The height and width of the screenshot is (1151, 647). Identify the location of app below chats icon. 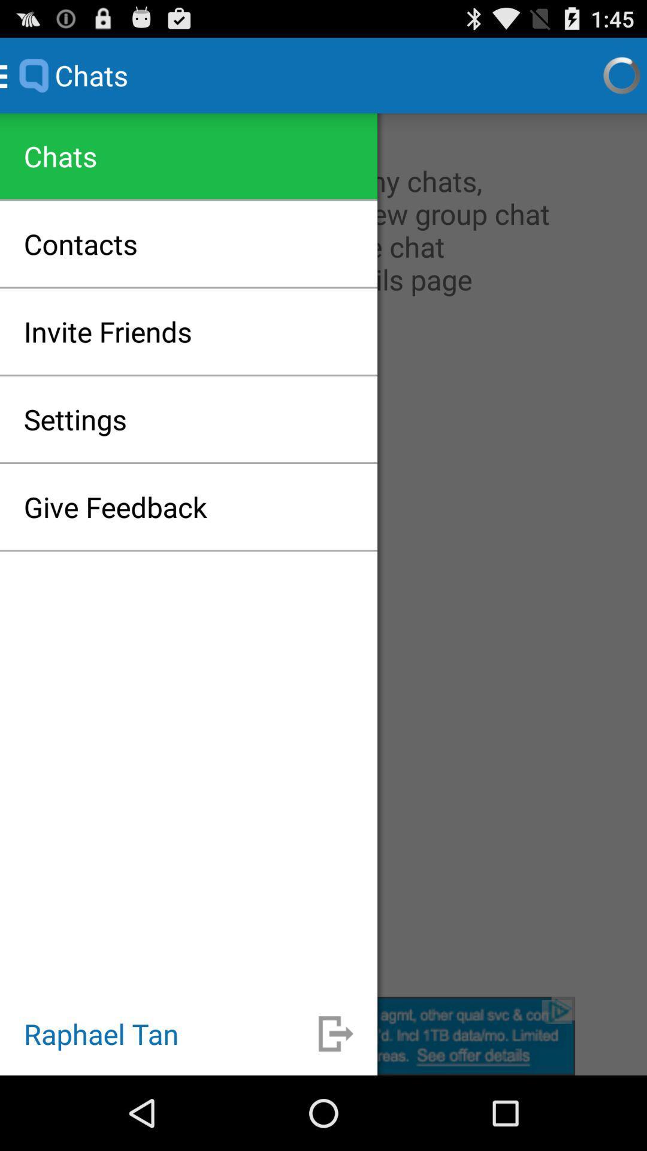
(80, 243).